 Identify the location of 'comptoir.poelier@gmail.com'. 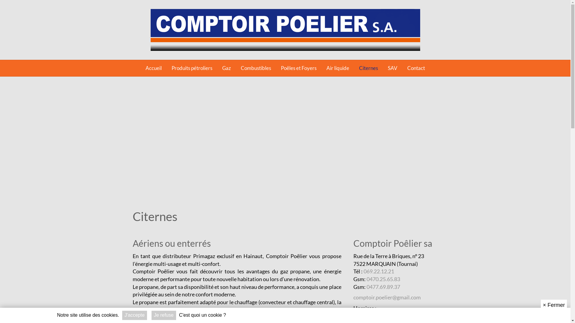
(387, 297).